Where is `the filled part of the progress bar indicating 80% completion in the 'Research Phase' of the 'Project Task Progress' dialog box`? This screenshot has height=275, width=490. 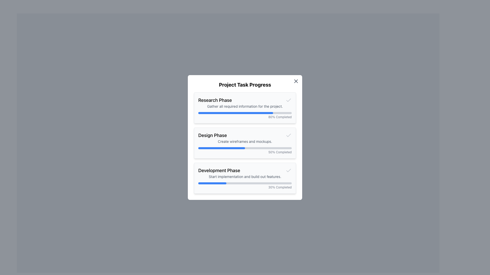 the filled part of the progress bar indicating 80% completion in the 'Research Phase' of the 'Project Task Progress' dialog box is located at coordinates (235, 113).